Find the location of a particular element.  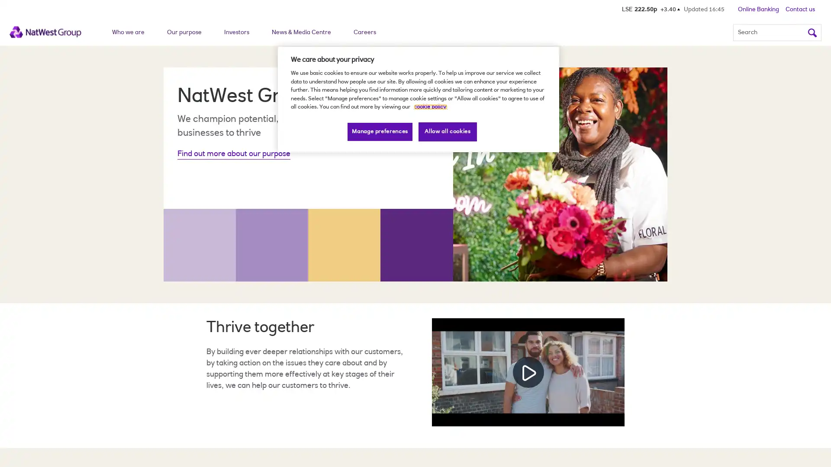

Manage preferences is located at coordinates (380, 131).